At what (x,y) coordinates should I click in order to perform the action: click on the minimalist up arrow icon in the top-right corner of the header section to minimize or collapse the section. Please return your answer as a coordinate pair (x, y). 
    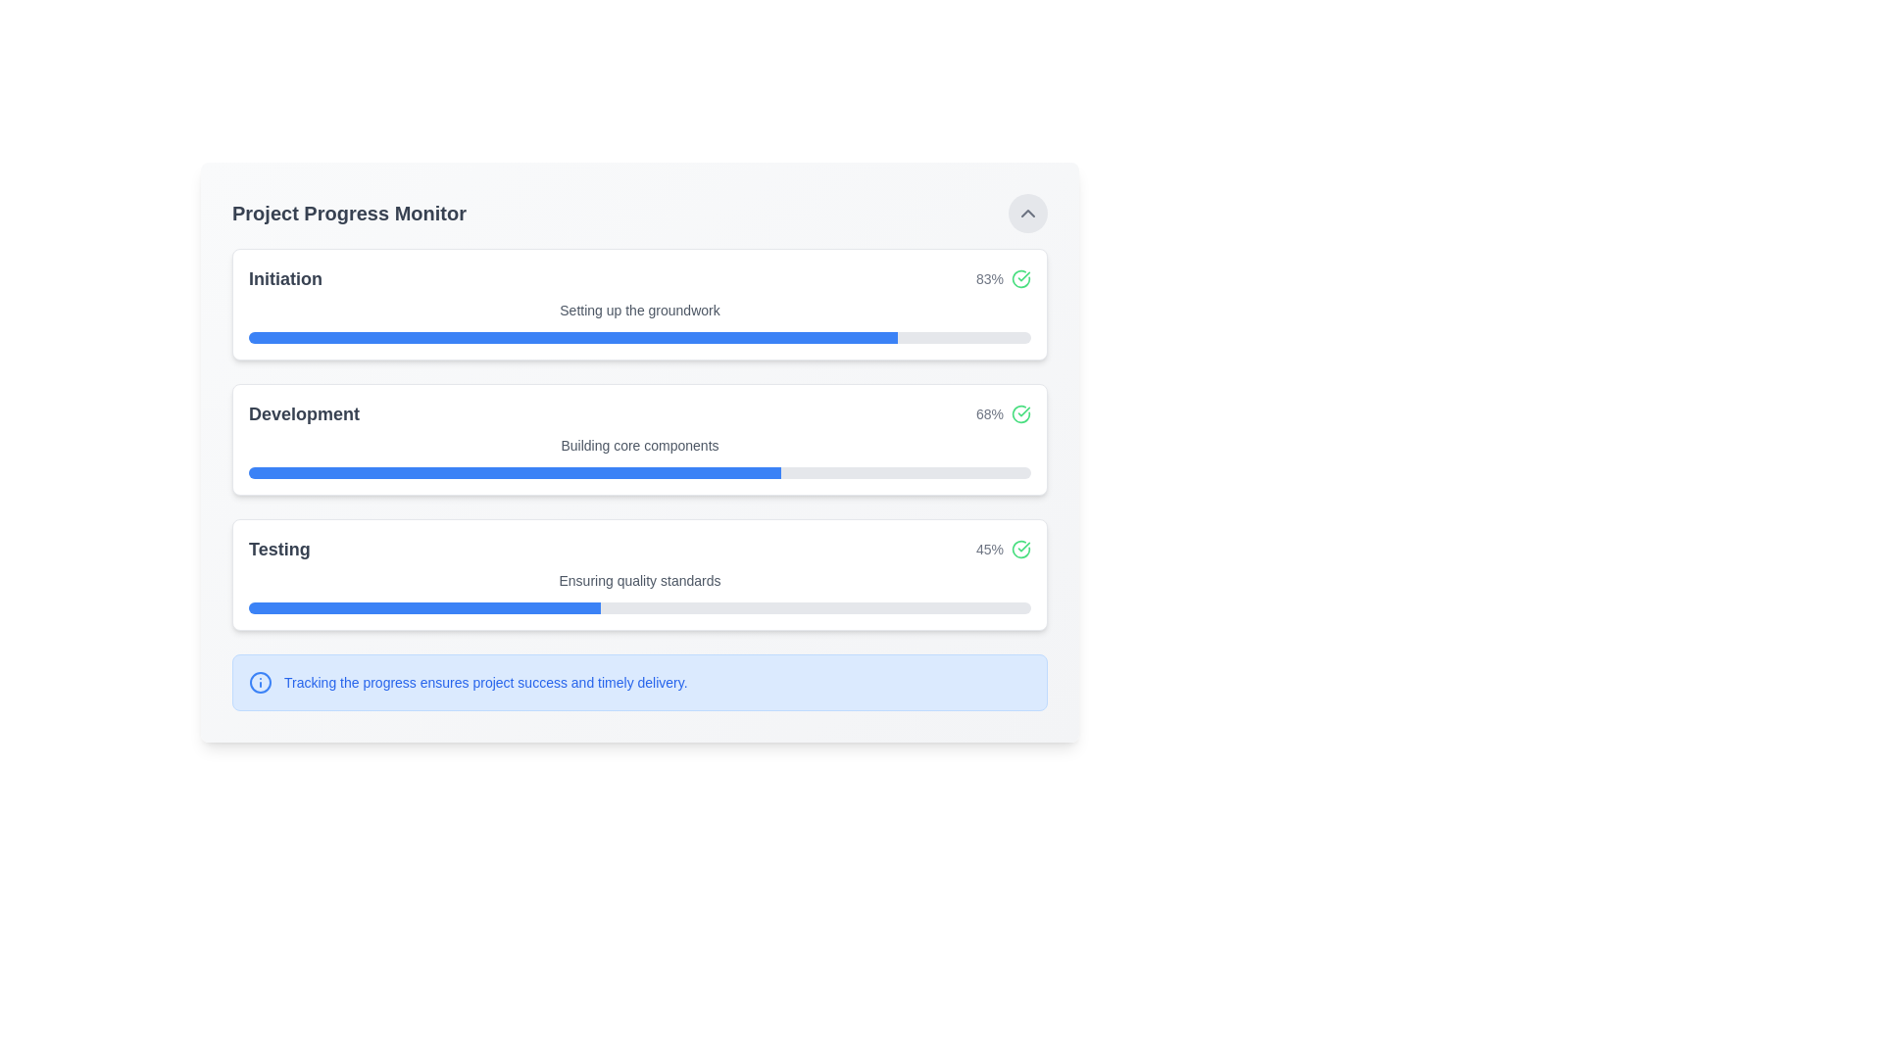
    Looking at the image, I should click on (1027, 214).